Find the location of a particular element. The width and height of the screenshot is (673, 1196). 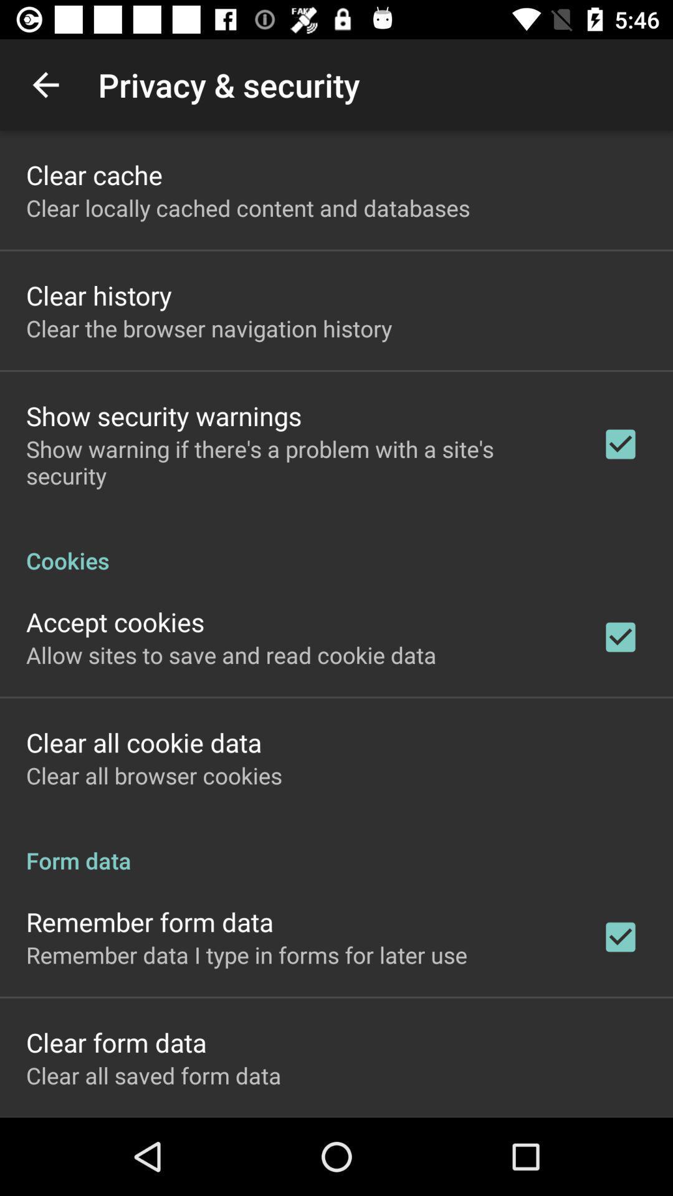

app above clear history icon is located at coordinates (248, 207).